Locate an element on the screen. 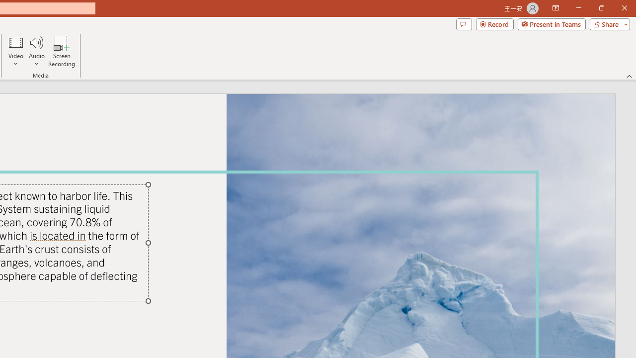 The image size is (636, 358). 'Audio' is located at coordinates (36, 51).